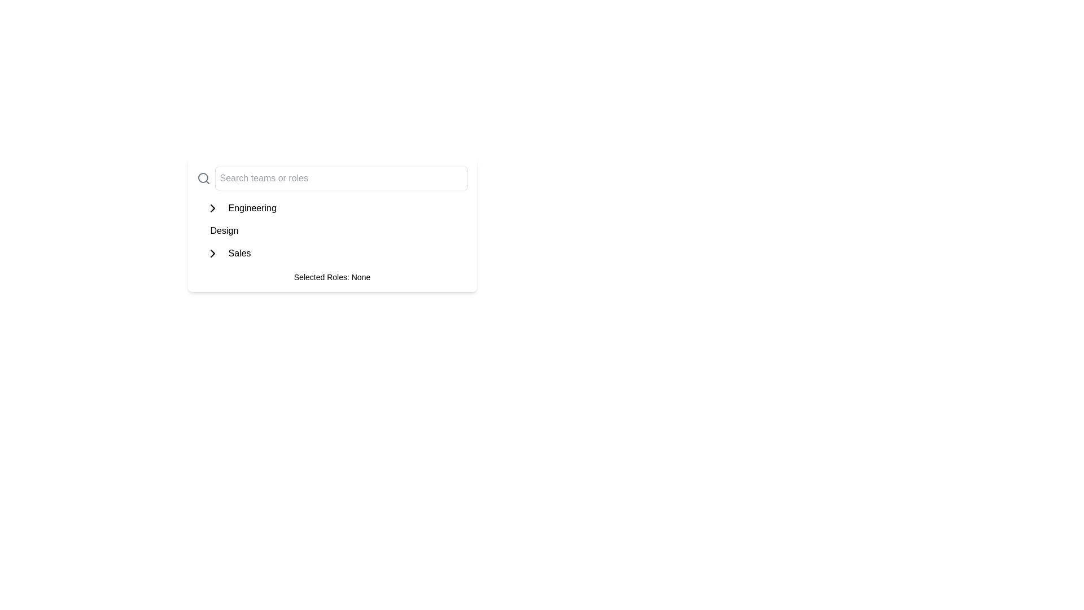  I want to click on the chevron icon indicating expandability for the 'Sales' item to trigger tooltip or highlighting, so click(212, 252).